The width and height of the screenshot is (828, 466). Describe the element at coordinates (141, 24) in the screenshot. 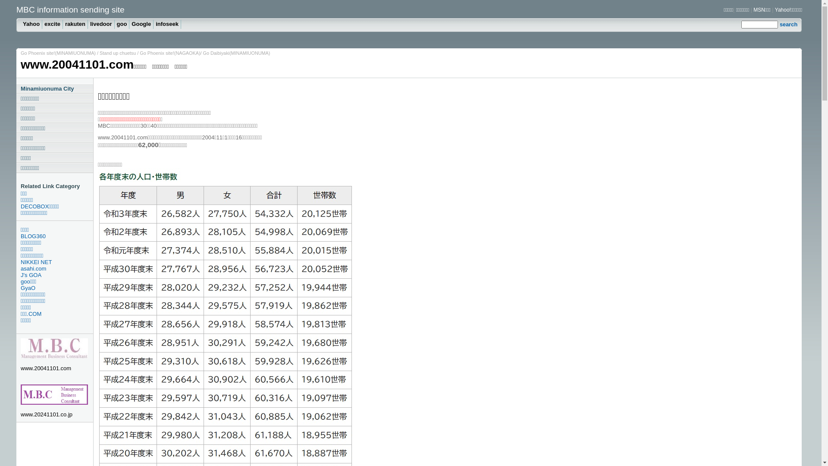

I see `'Google'` at that location.